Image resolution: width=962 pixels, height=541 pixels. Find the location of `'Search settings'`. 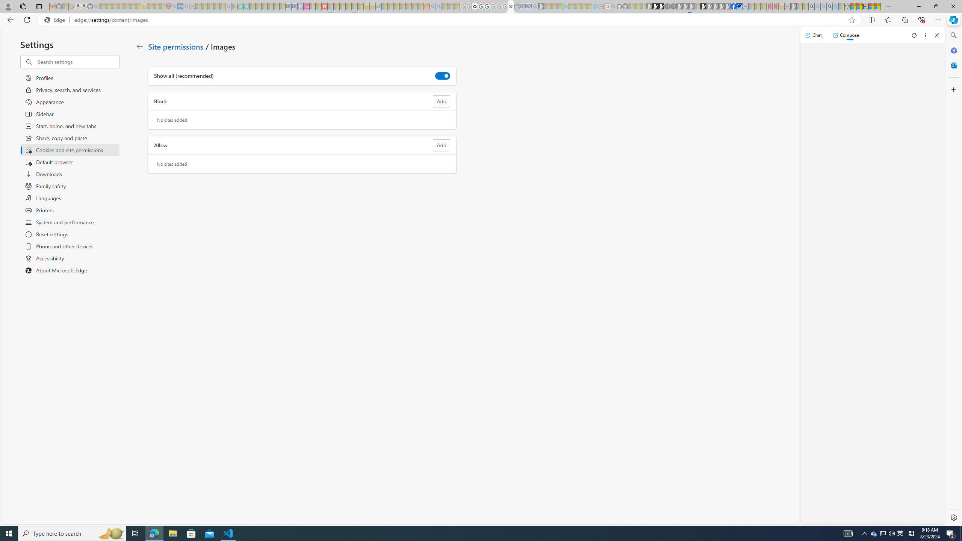

'Search settings' is located at coordinates (78, 62).